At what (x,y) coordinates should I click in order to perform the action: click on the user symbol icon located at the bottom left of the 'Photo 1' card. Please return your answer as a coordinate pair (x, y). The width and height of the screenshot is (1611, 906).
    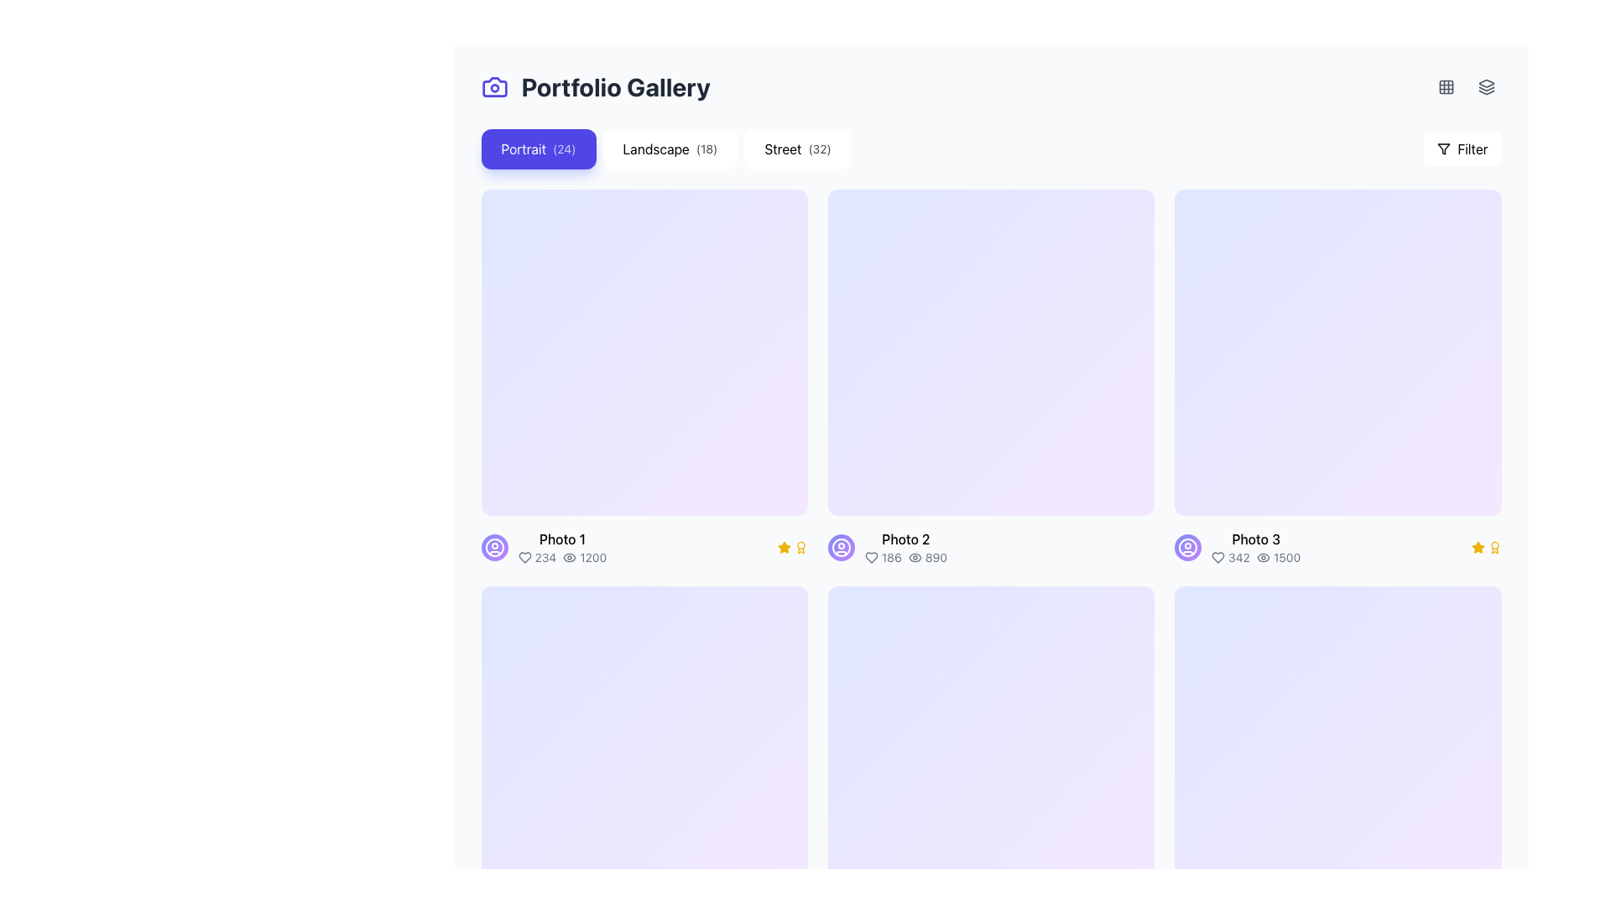
    Looking at the image, I should click on (841, 548).